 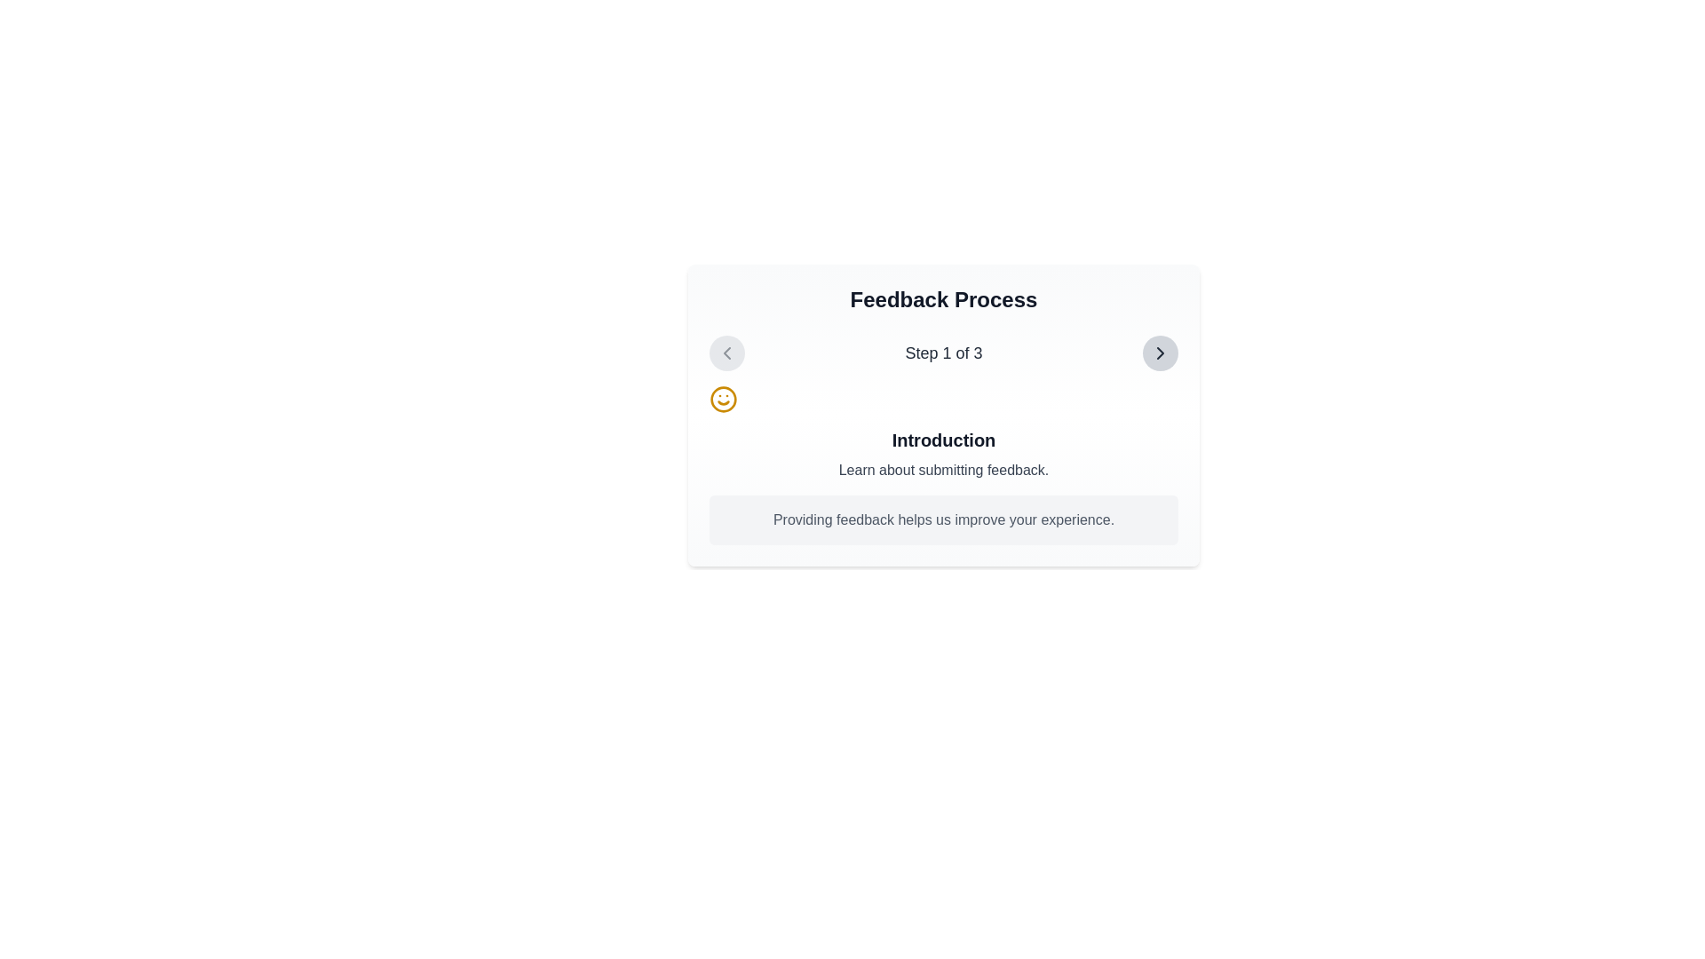 I want to click on the navigation button located in the header section of the 'Feedback Process' card, so click(x=727, y=353).